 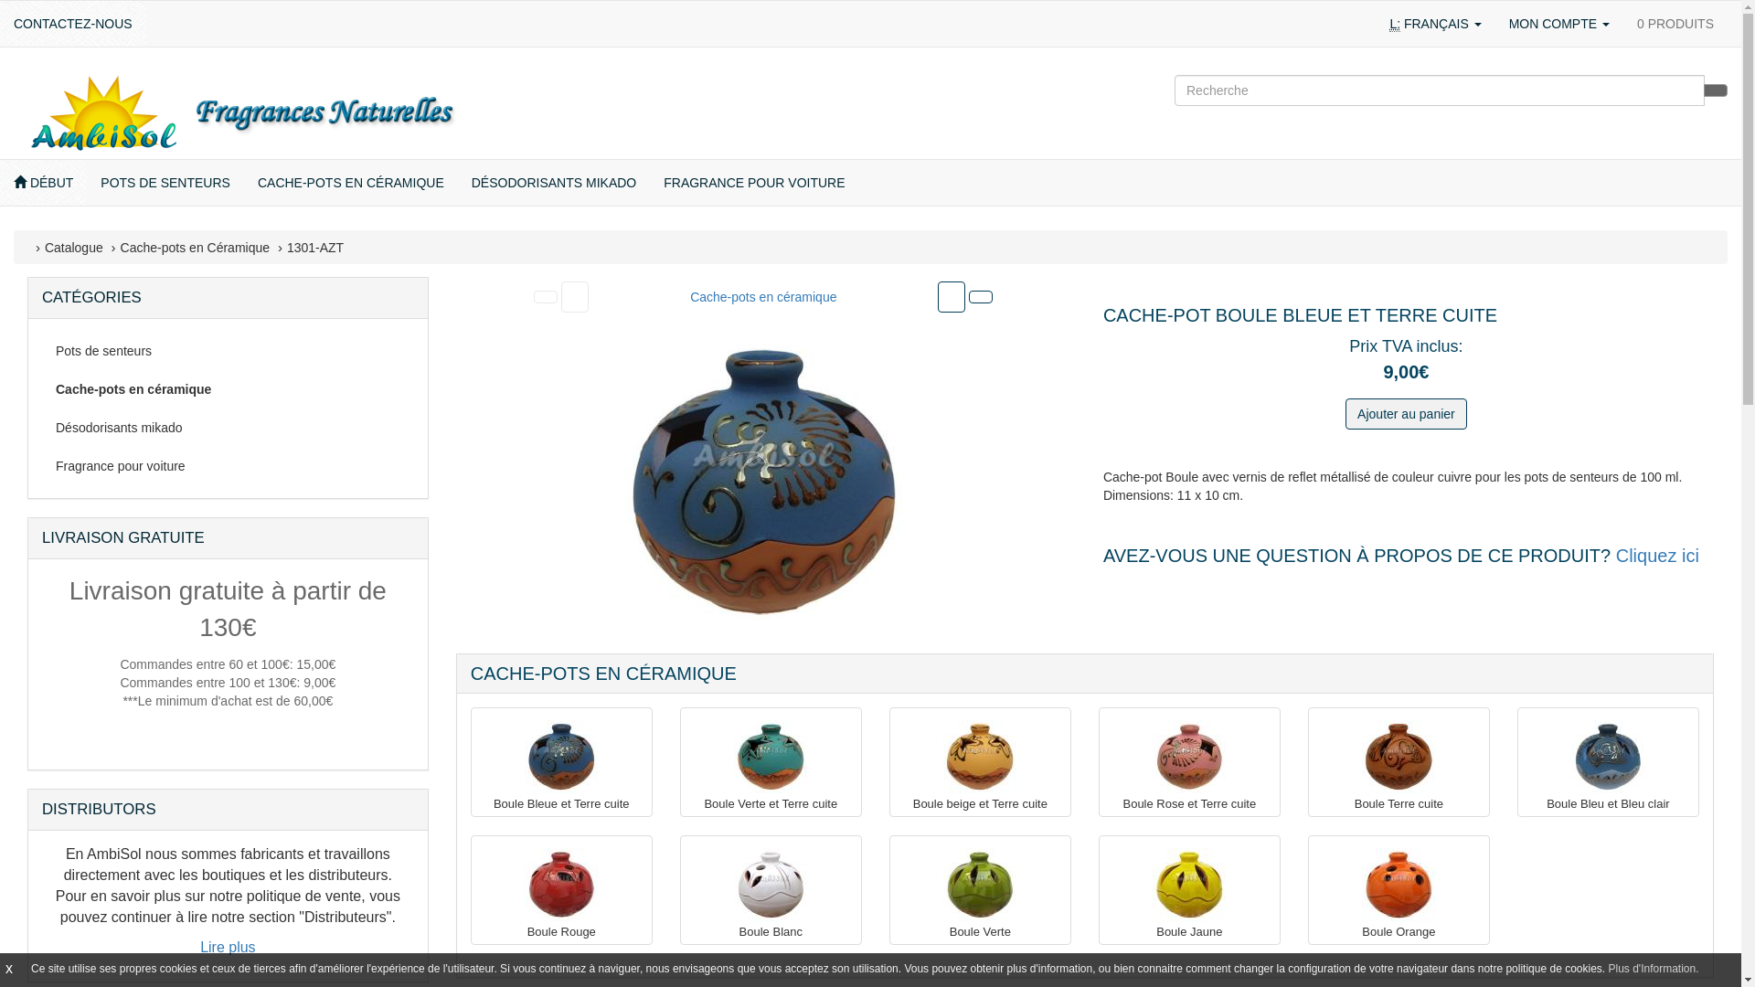 I want to click on 'x', so click(x=8, y=967).